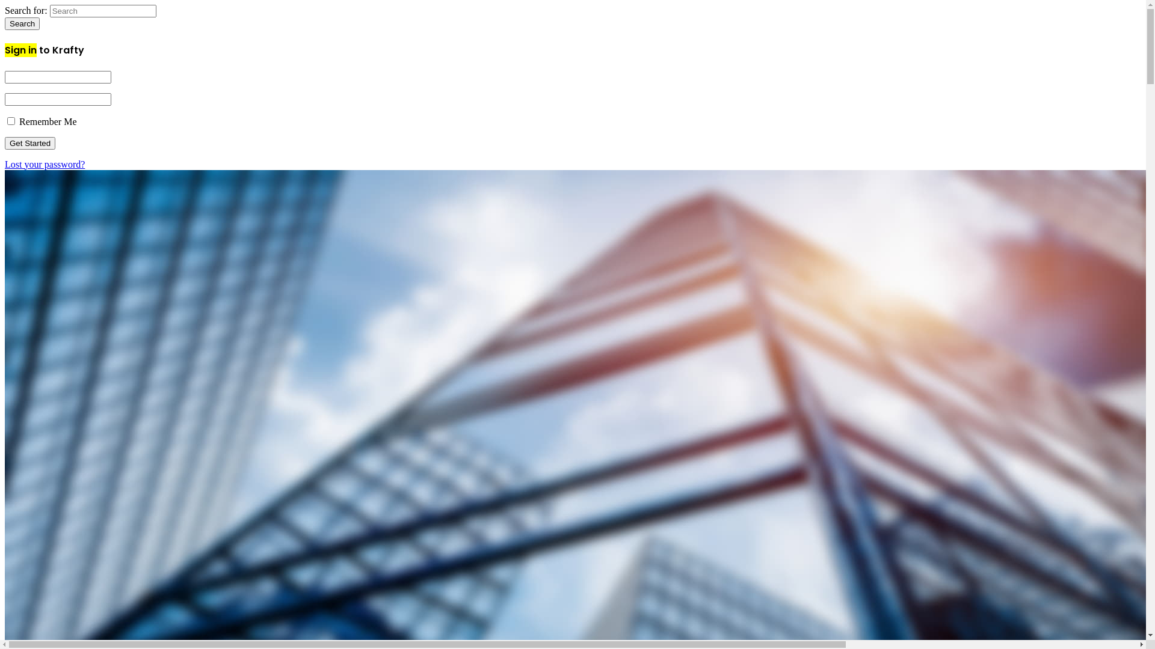  I want to click on 'Get Started', so click(29, 142).